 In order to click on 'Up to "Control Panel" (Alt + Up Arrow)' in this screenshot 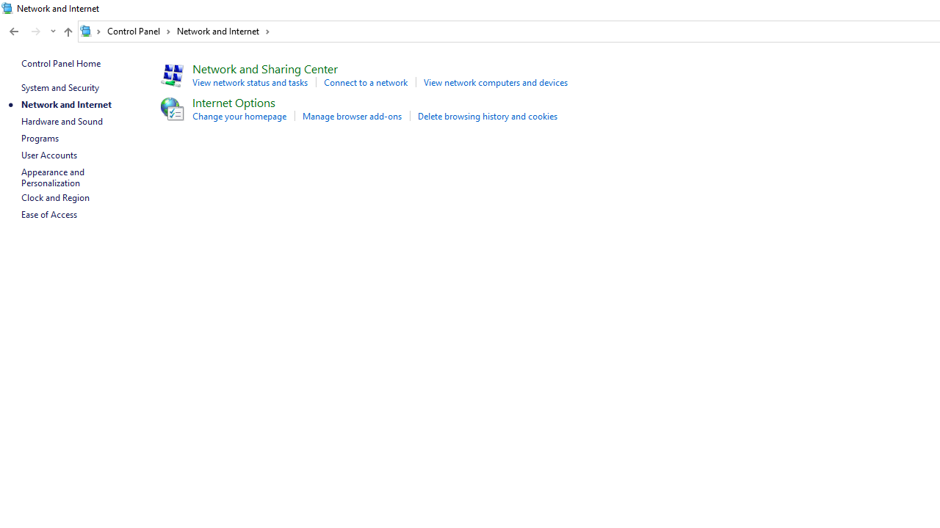, I will do `click(67, 32)`.